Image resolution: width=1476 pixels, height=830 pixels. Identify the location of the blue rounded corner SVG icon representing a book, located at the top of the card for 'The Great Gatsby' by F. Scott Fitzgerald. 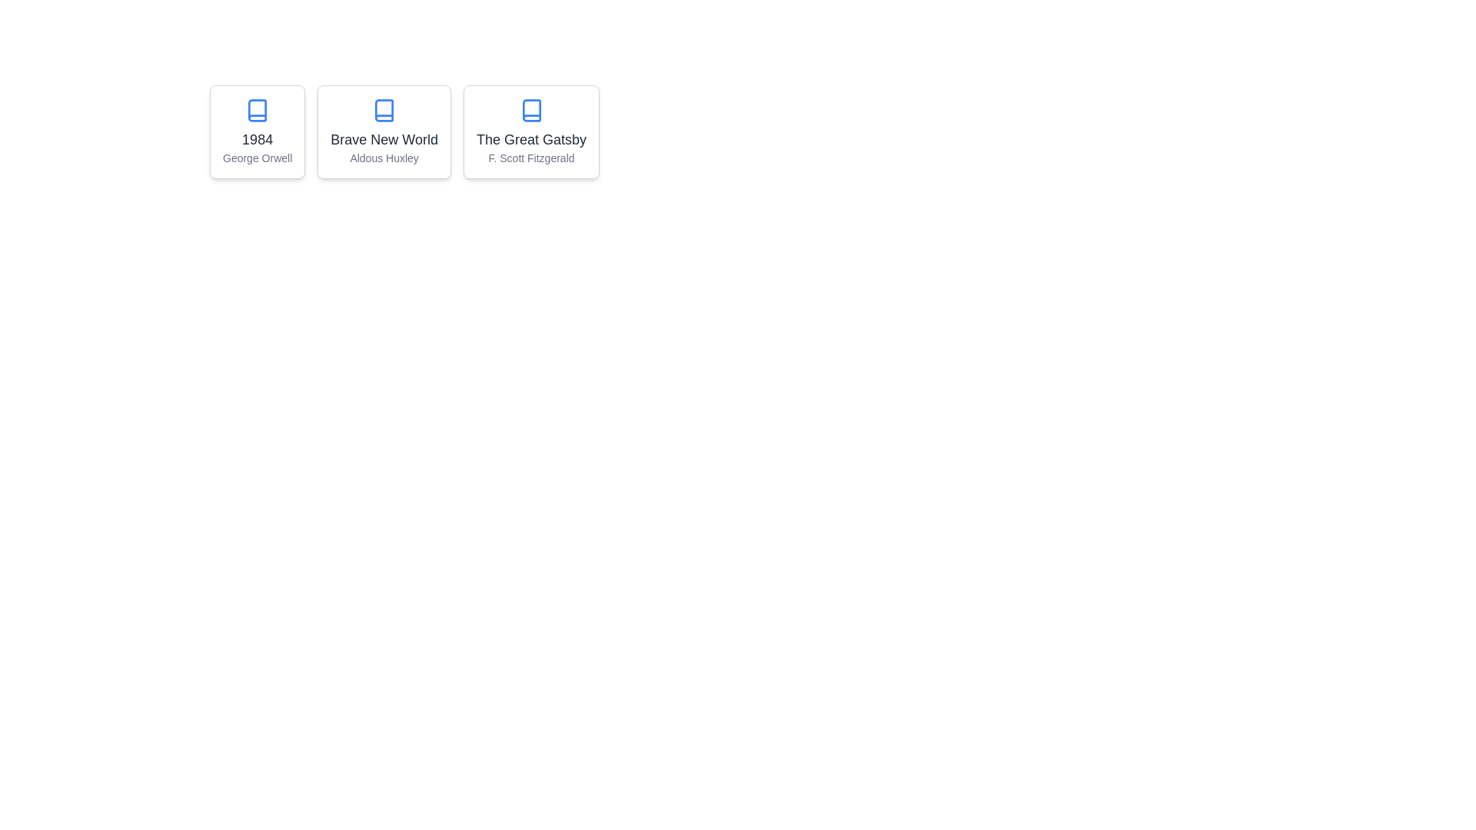
(531, 109).